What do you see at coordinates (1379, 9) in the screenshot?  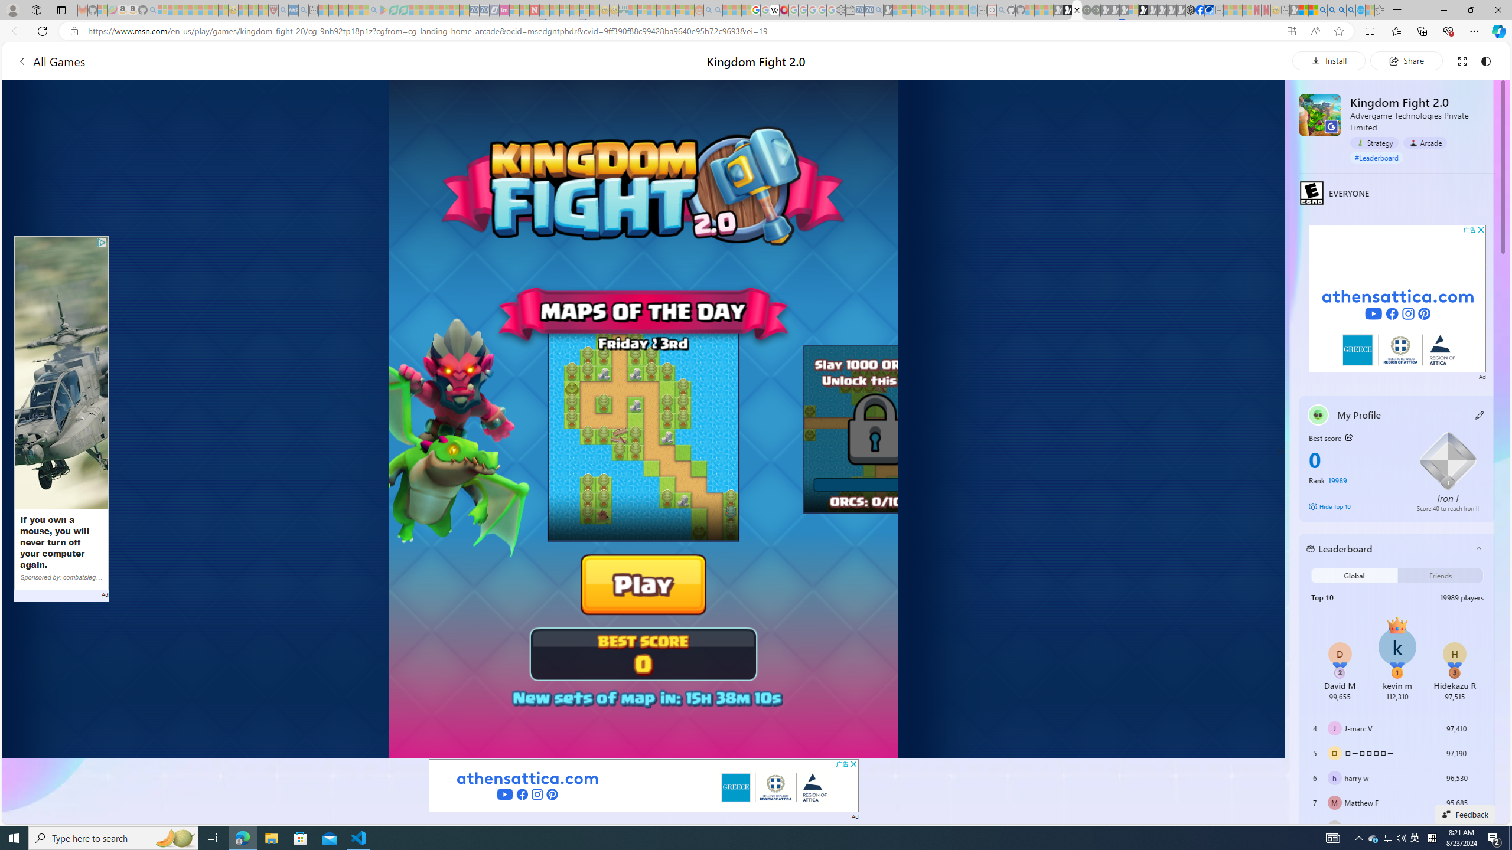 I see `'Favorites - Sleeping'` at bounding box center [1379, 9].